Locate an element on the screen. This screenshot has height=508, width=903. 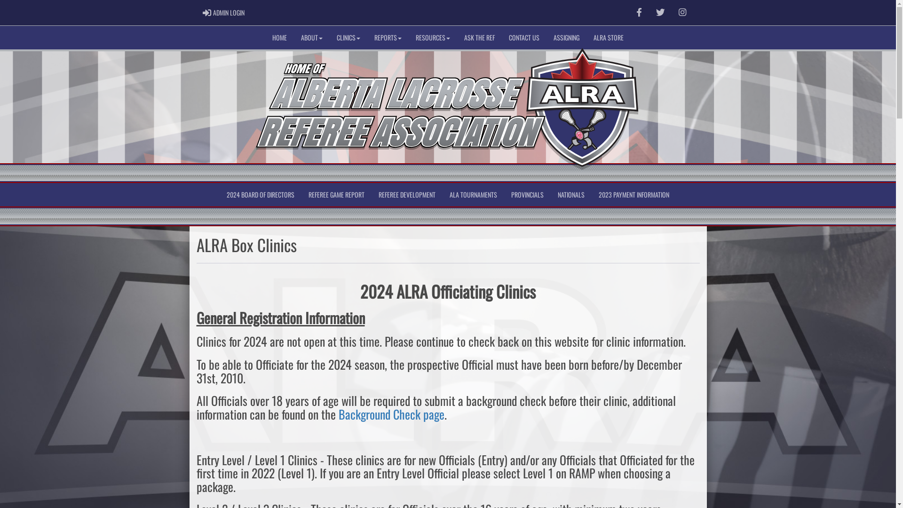
'REPORTS' is located at coordinates (367, 37).